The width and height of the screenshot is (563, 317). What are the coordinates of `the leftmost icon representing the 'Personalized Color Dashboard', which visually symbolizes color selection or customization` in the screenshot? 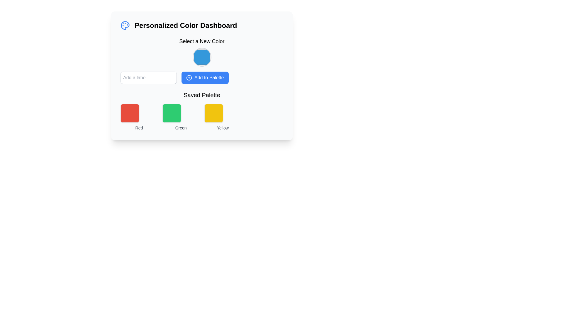 It's located at (125, 25).